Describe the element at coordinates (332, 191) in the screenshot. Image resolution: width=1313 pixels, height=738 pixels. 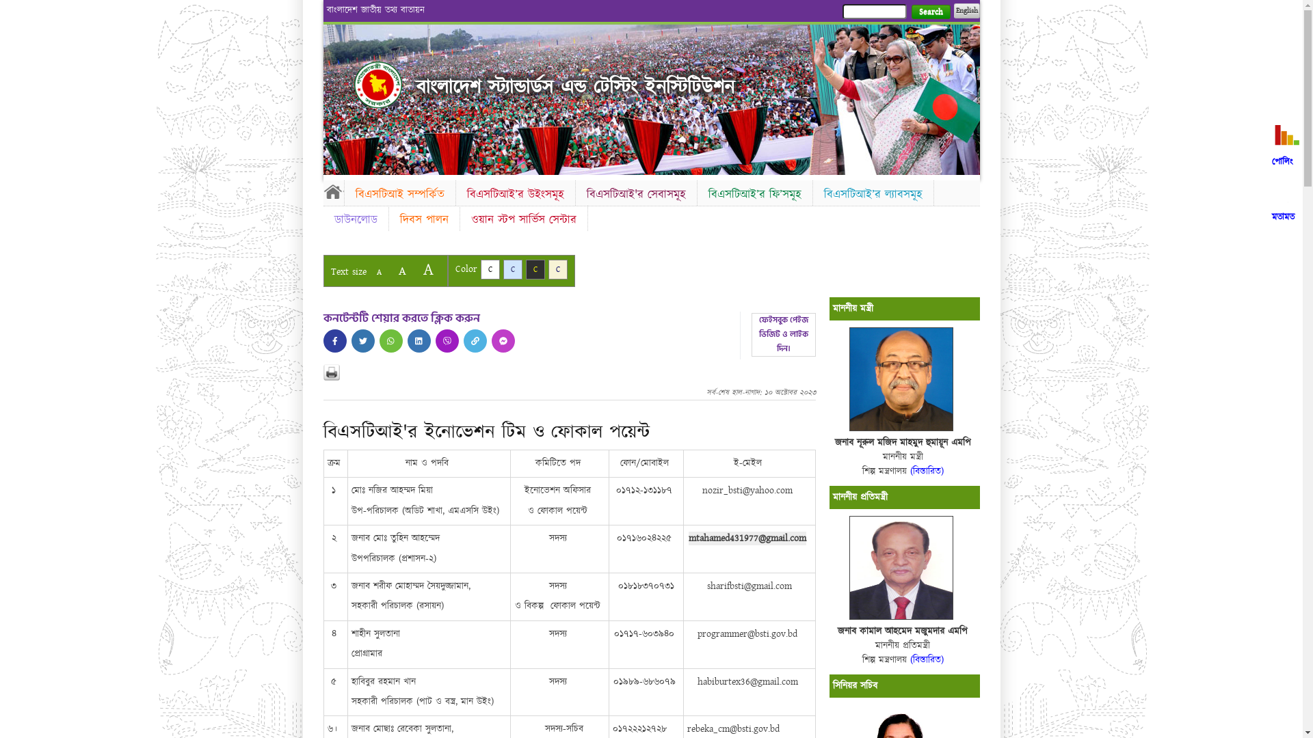
I see `'Home'` at that location.